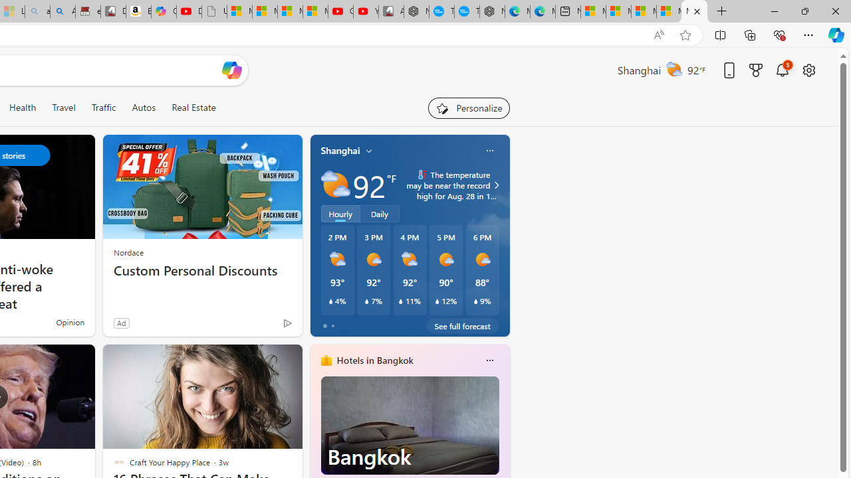 This screenshot has height=478, width=851. I want to click on 'Copilot', so click(163, 11).